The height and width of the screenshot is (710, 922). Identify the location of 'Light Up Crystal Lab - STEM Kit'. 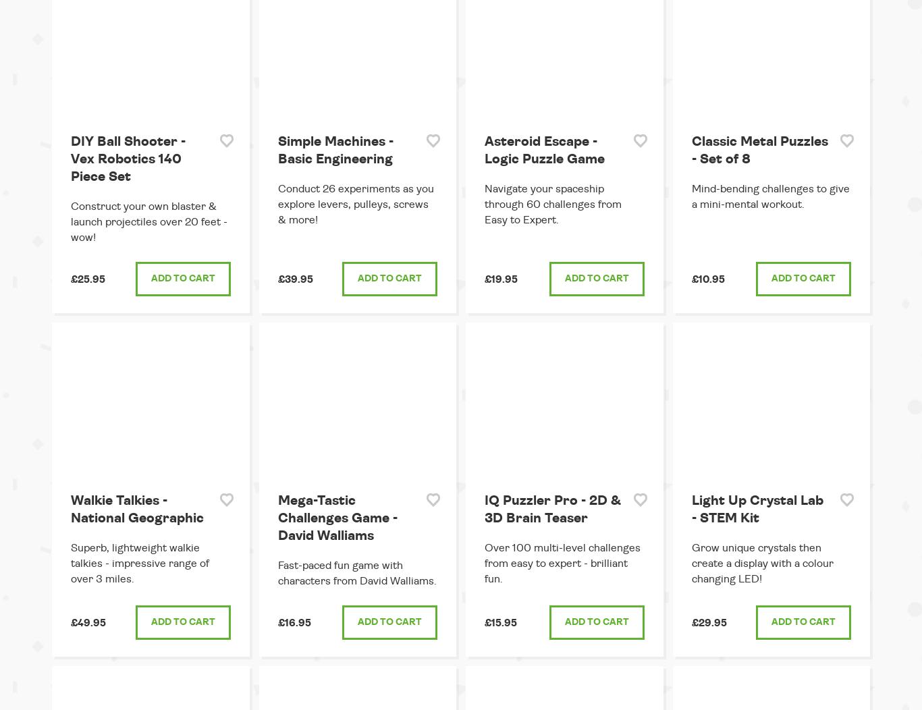
(756, 509).